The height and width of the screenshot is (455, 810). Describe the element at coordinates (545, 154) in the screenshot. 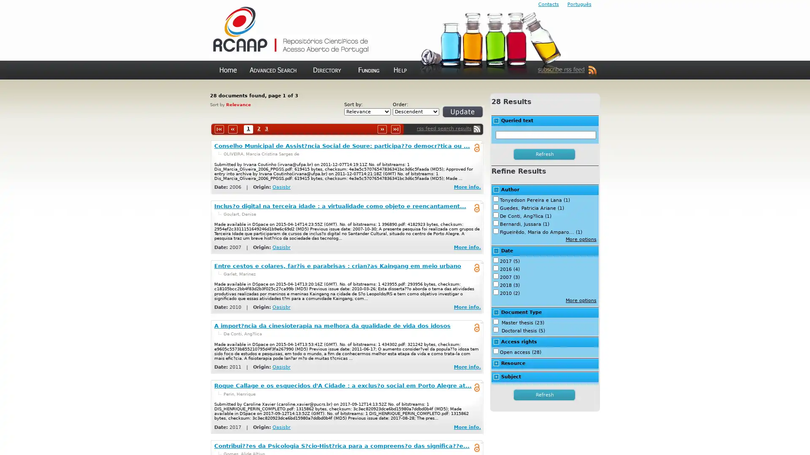

I see `Refresh` at that location.